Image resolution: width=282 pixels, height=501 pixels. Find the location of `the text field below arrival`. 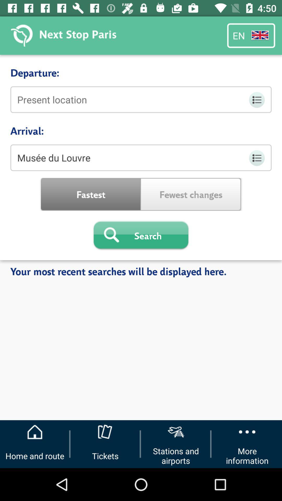

the text field below arrival is located at coordinates (141, 157).